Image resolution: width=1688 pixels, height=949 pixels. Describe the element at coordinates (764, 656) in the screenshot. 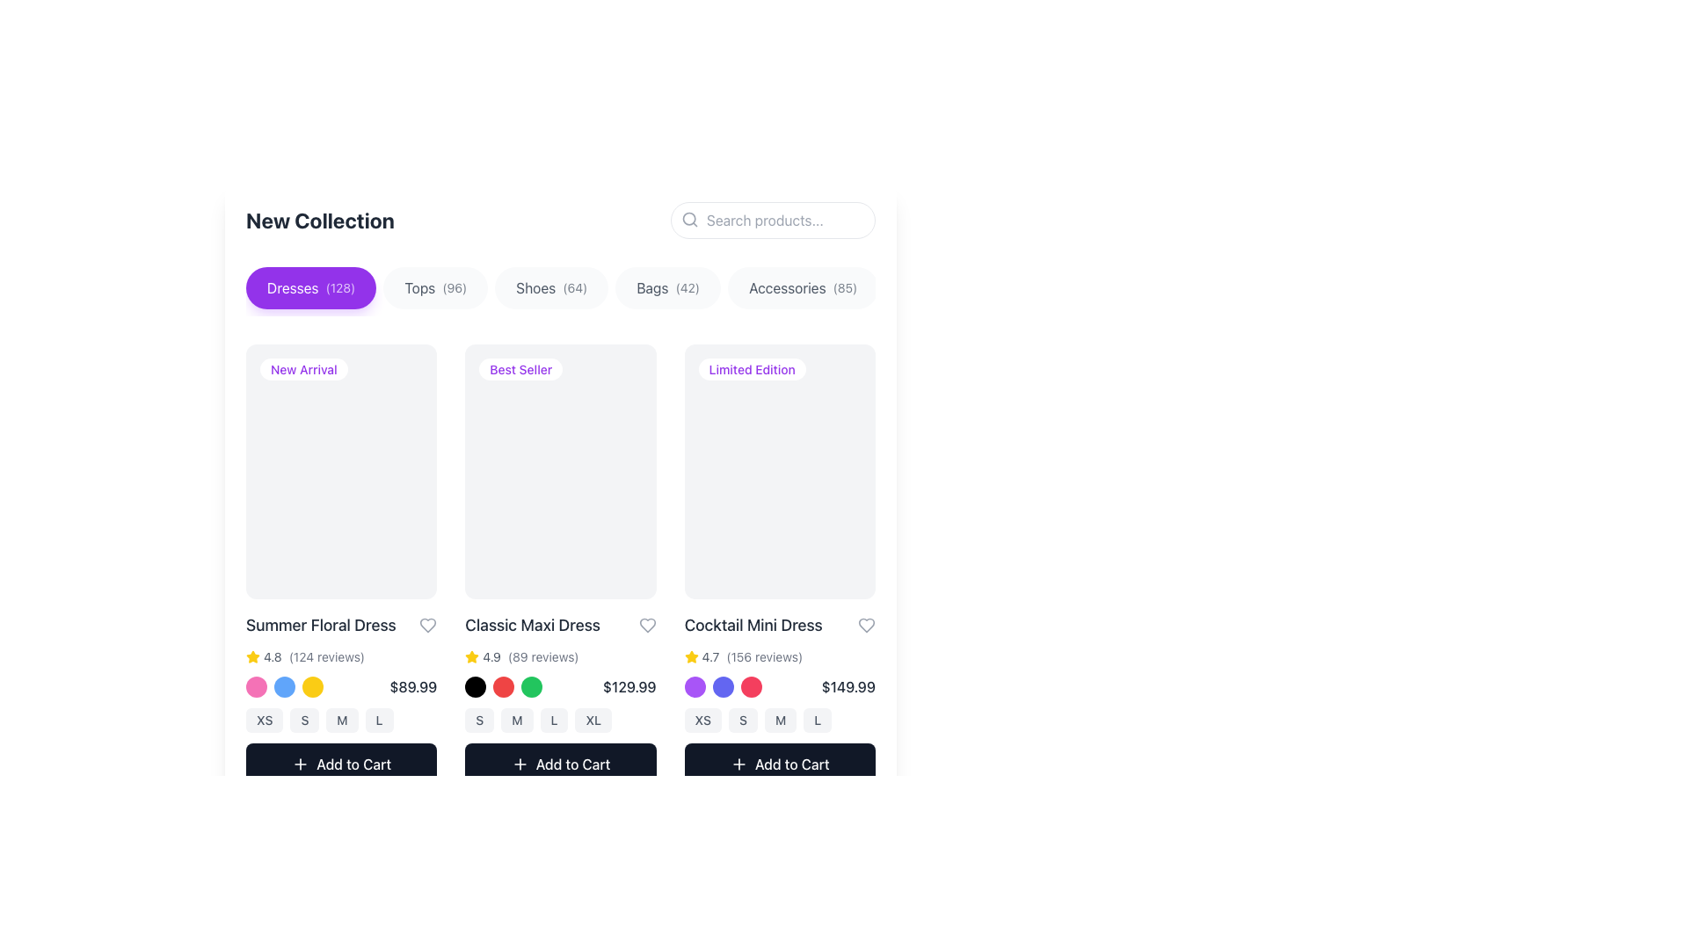

I see `the static text label that reads '(156 reviews)' associated with the product rating of the 'Cocktail Mini Dress' in the third product card` at that location.